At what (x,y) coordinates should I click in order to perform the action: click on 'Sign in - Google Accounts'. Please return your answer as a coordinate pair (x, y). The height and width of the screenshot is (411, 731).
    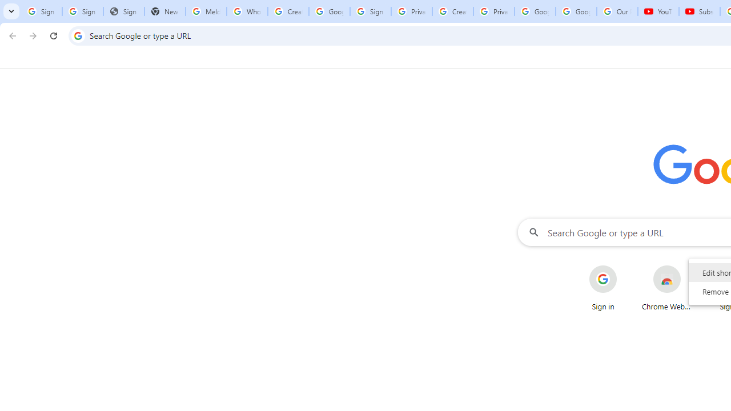
    Looking at the image, I should click on (370, 11).